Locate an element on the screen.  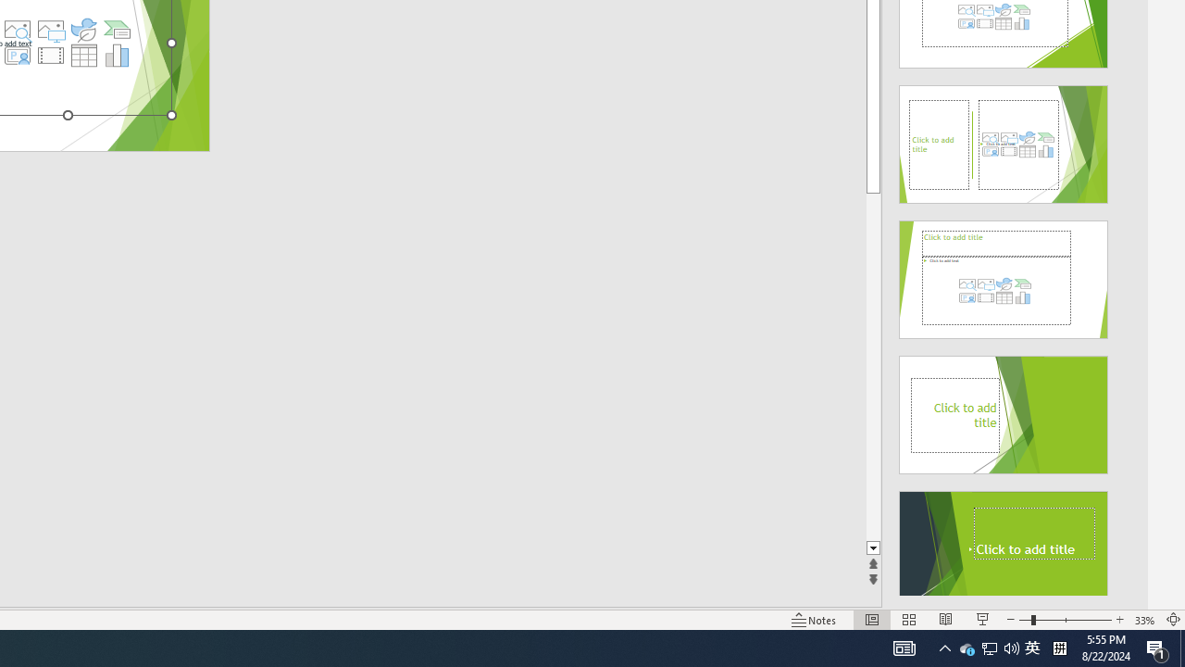
'Insert Chart' is located at coordinates (117, 55).